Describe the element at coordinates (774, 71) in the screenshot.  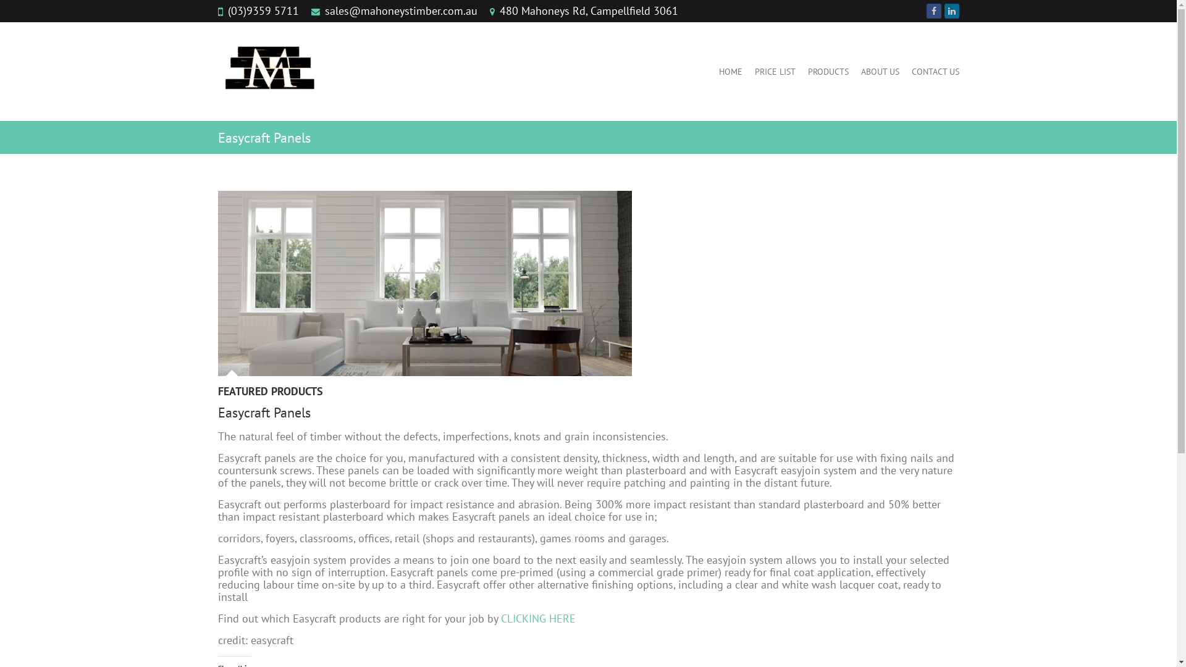
I see `'PRICE LIST'` at that location.